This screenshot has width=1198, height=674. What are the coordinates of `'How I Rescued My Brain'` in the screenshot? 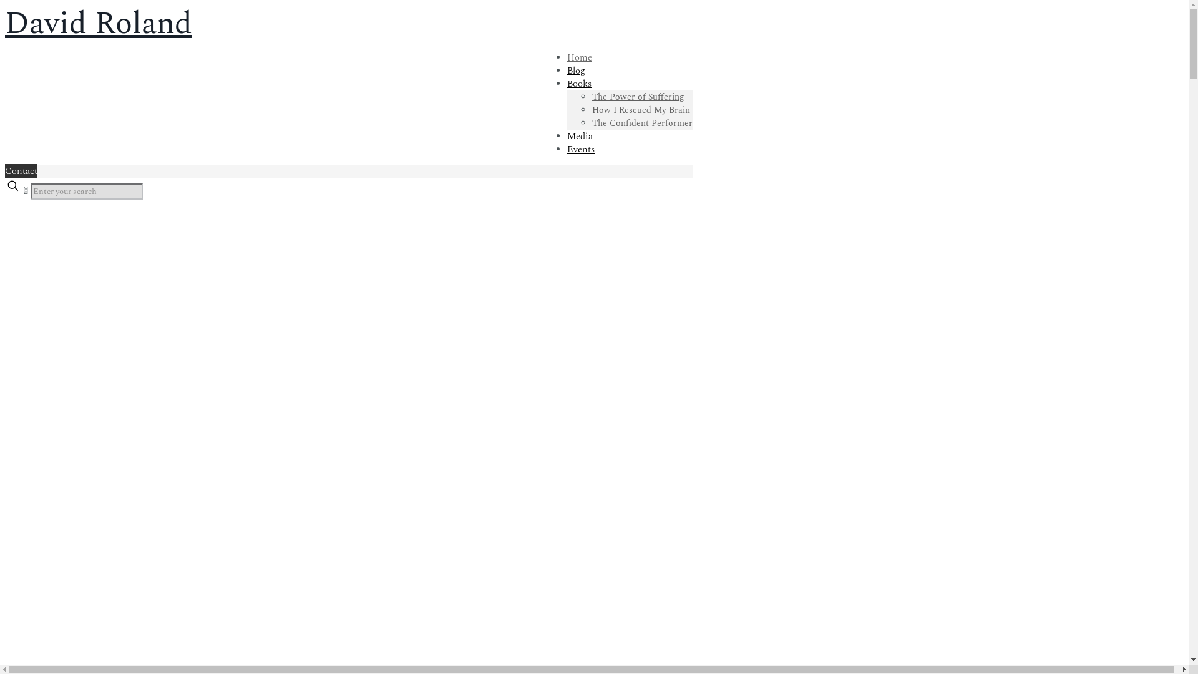 It's located at (592, 109).